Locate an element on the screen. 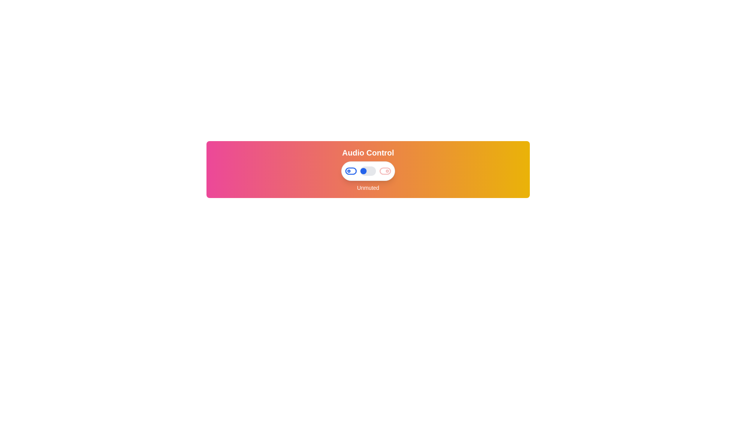  the right toggle button with a red color and semi-transparent design located under 'Audio Control' is located at coordinates (385, 171).